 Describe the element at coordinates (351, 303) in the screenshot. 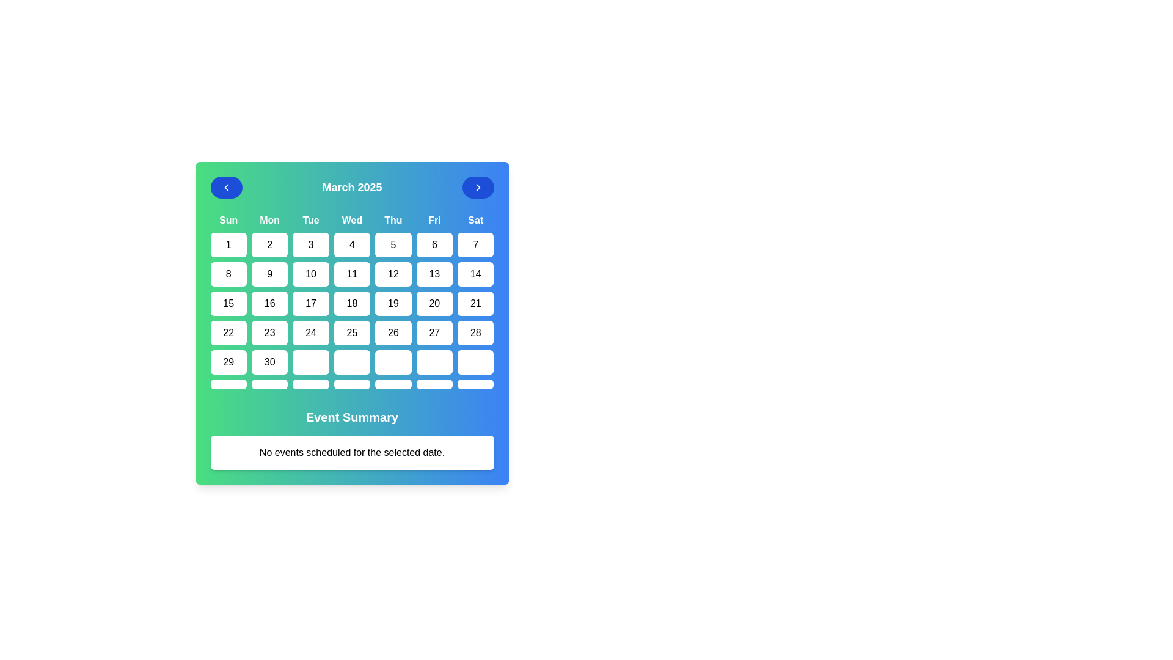

I see `the button representing the 18th of March in the calendar interface` at that location.